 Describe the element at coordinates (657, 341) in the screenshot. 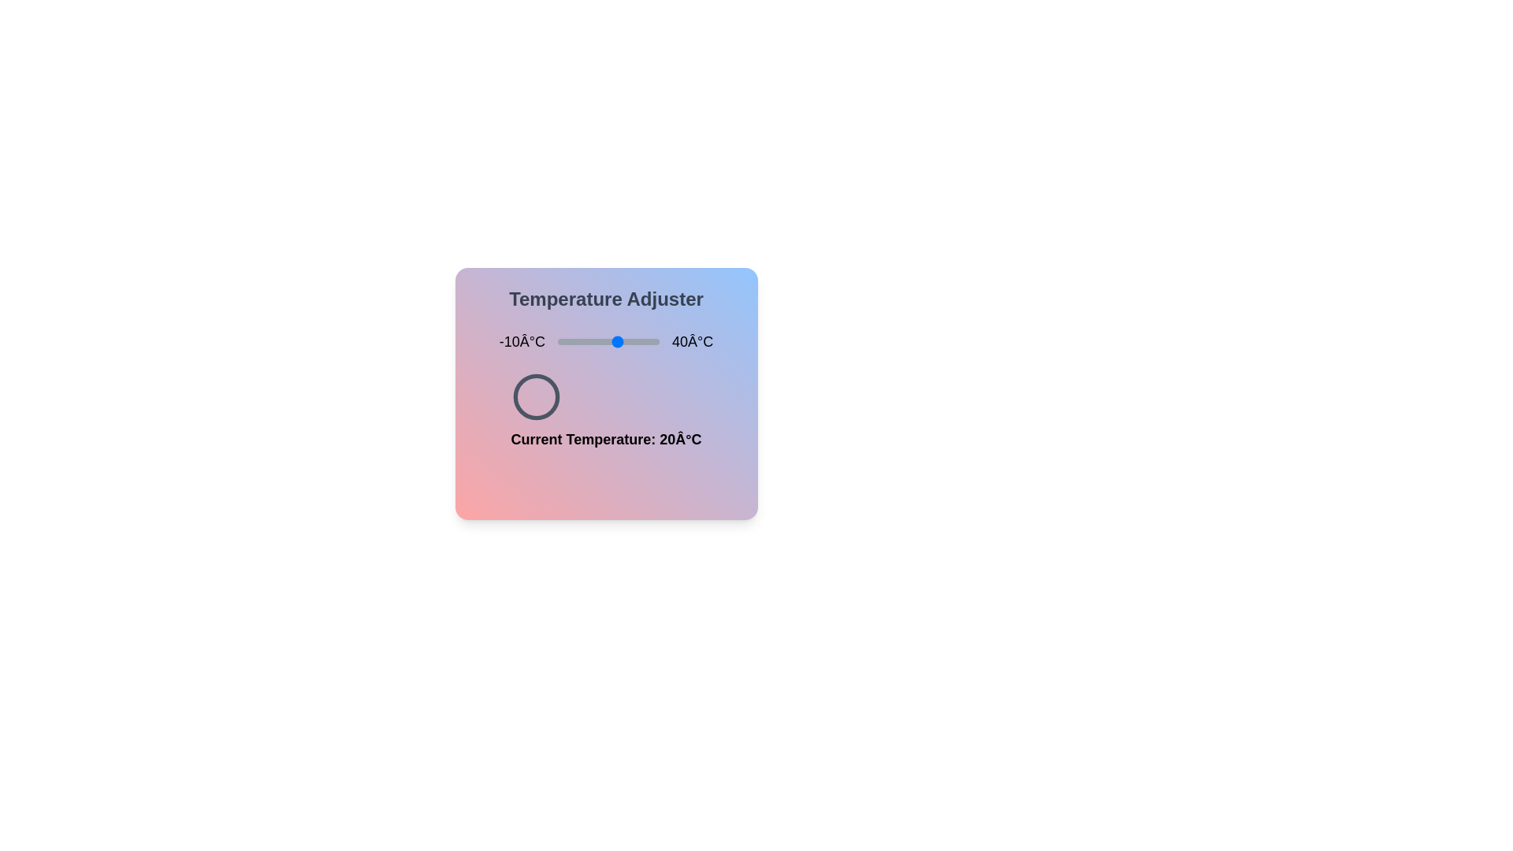

I see `the temperature slider to 39°C` at that location.